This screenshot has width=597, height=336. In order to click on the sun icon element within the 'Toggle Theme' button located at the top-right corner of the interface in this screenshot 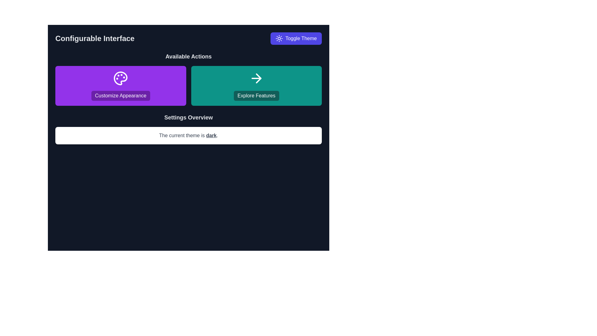, I will do `click(279, 38)`.